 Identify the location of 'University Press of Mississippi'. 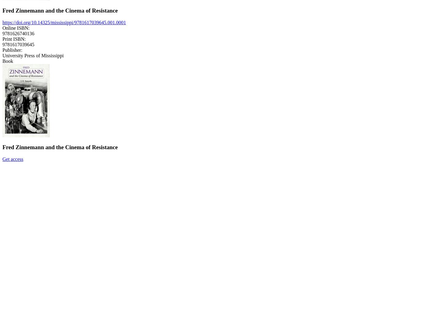
(33, 55).